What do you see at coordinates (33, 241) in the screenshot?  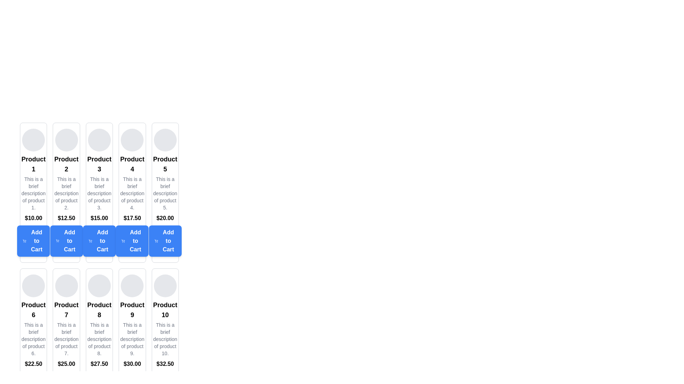 I see `the 'Add to Cart' button, which is a blue rectangular button with white text and a cart icon, located at the bottom of the 'Product 1' card` at bounding box center [33, 241].